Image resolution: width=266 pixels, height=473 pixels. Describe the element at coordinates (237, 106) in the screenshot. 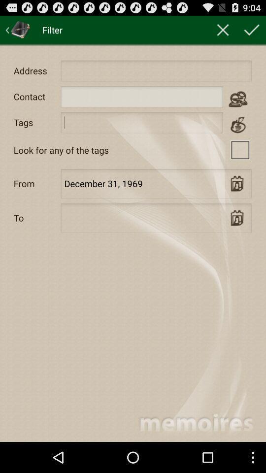

I see `the group icon` at that location.